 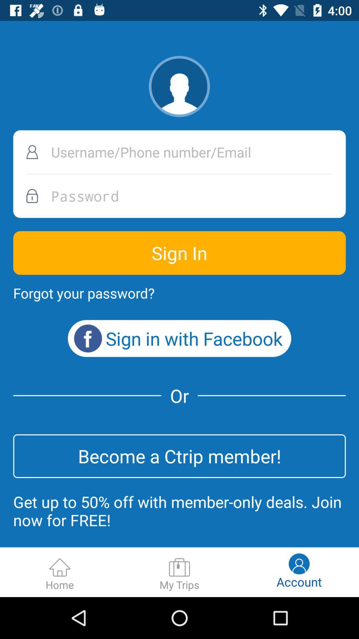 I want to click on icon below or, so click(x=179, y=456).